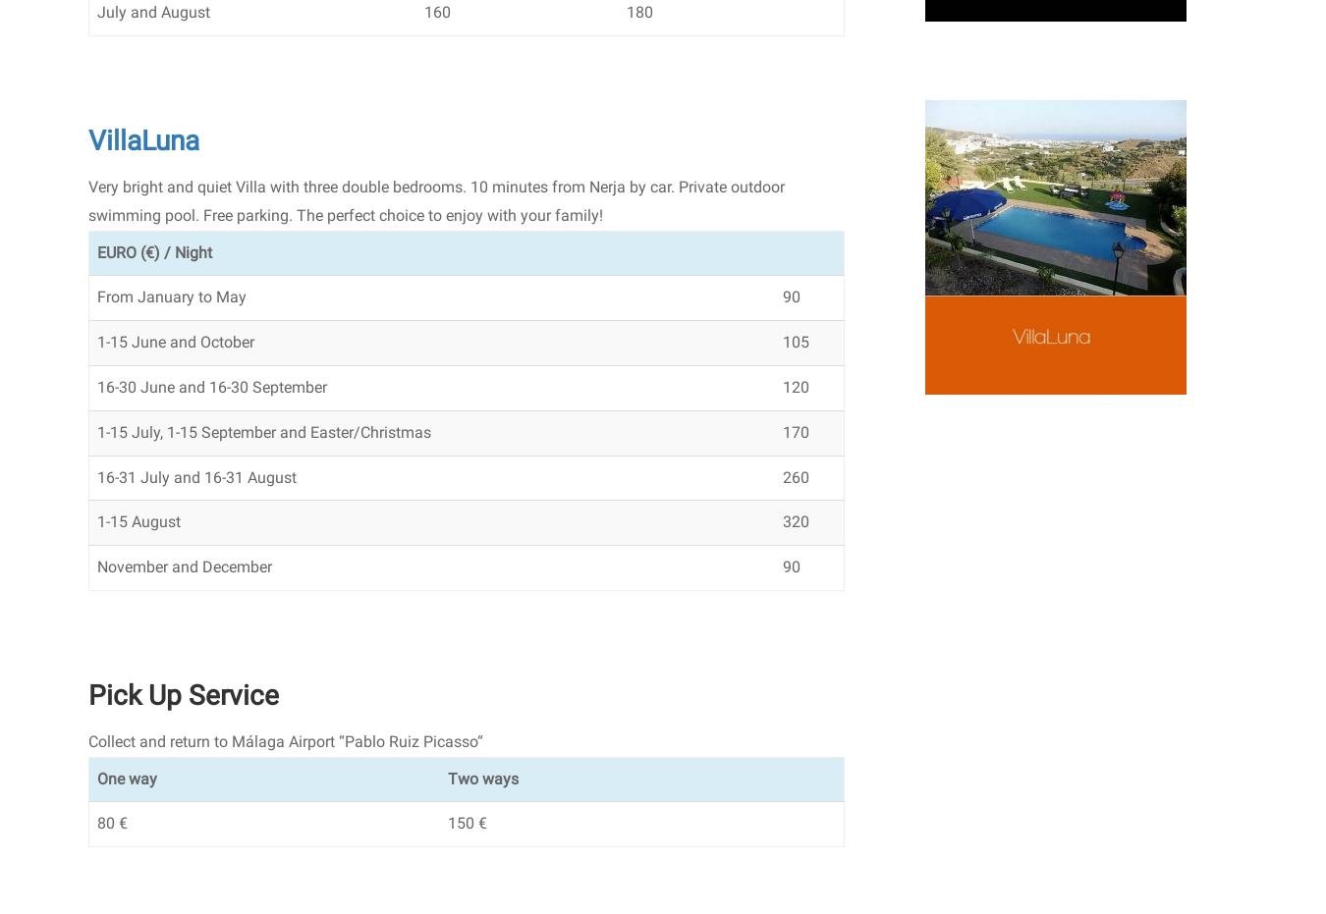  I want to click on 'EURO (€) / Night', so click(154, 251).